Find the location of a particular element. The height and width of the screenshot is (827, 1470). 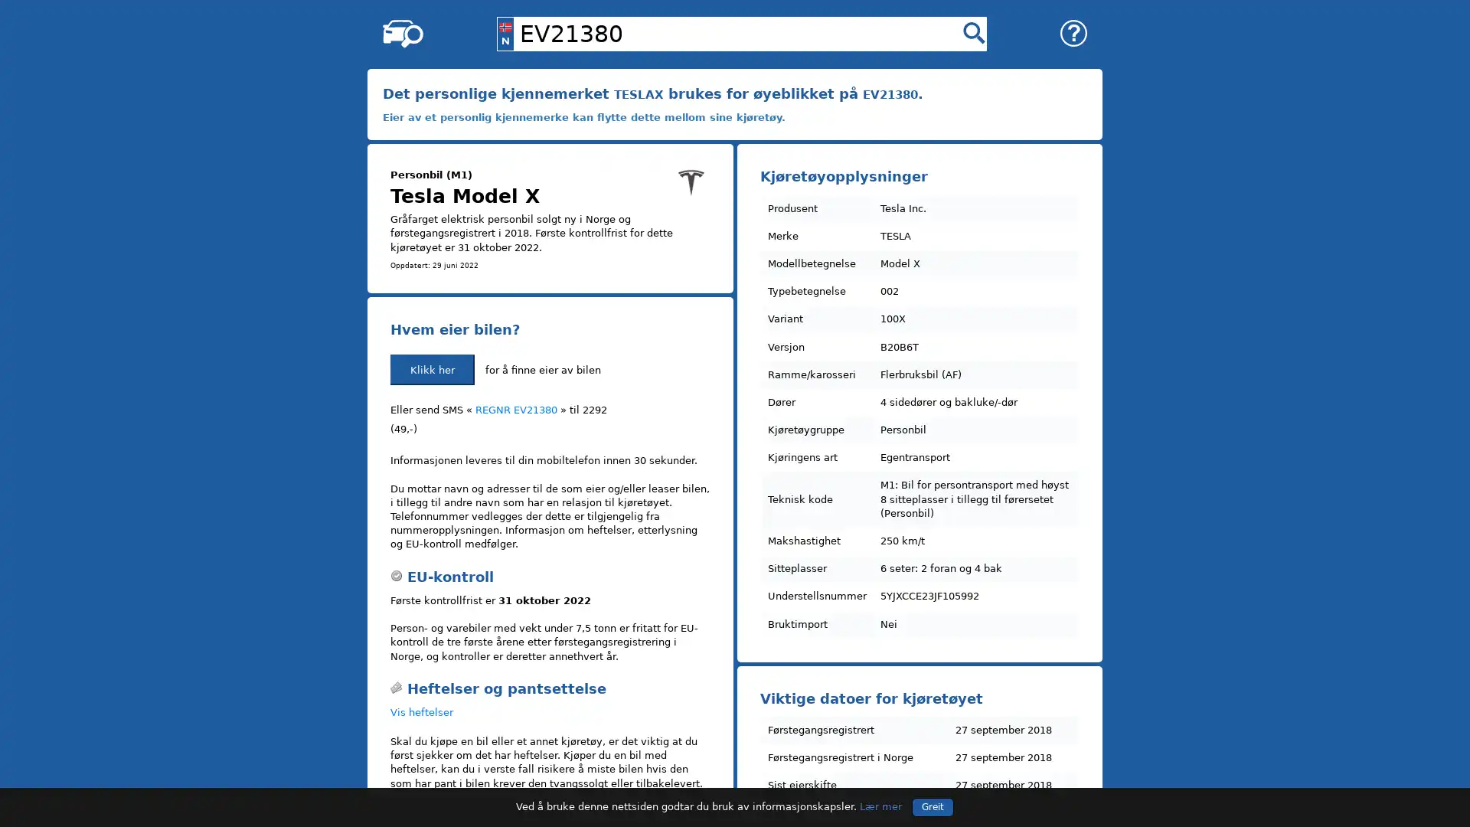

Klikk her is located at coordinates (432, 369).